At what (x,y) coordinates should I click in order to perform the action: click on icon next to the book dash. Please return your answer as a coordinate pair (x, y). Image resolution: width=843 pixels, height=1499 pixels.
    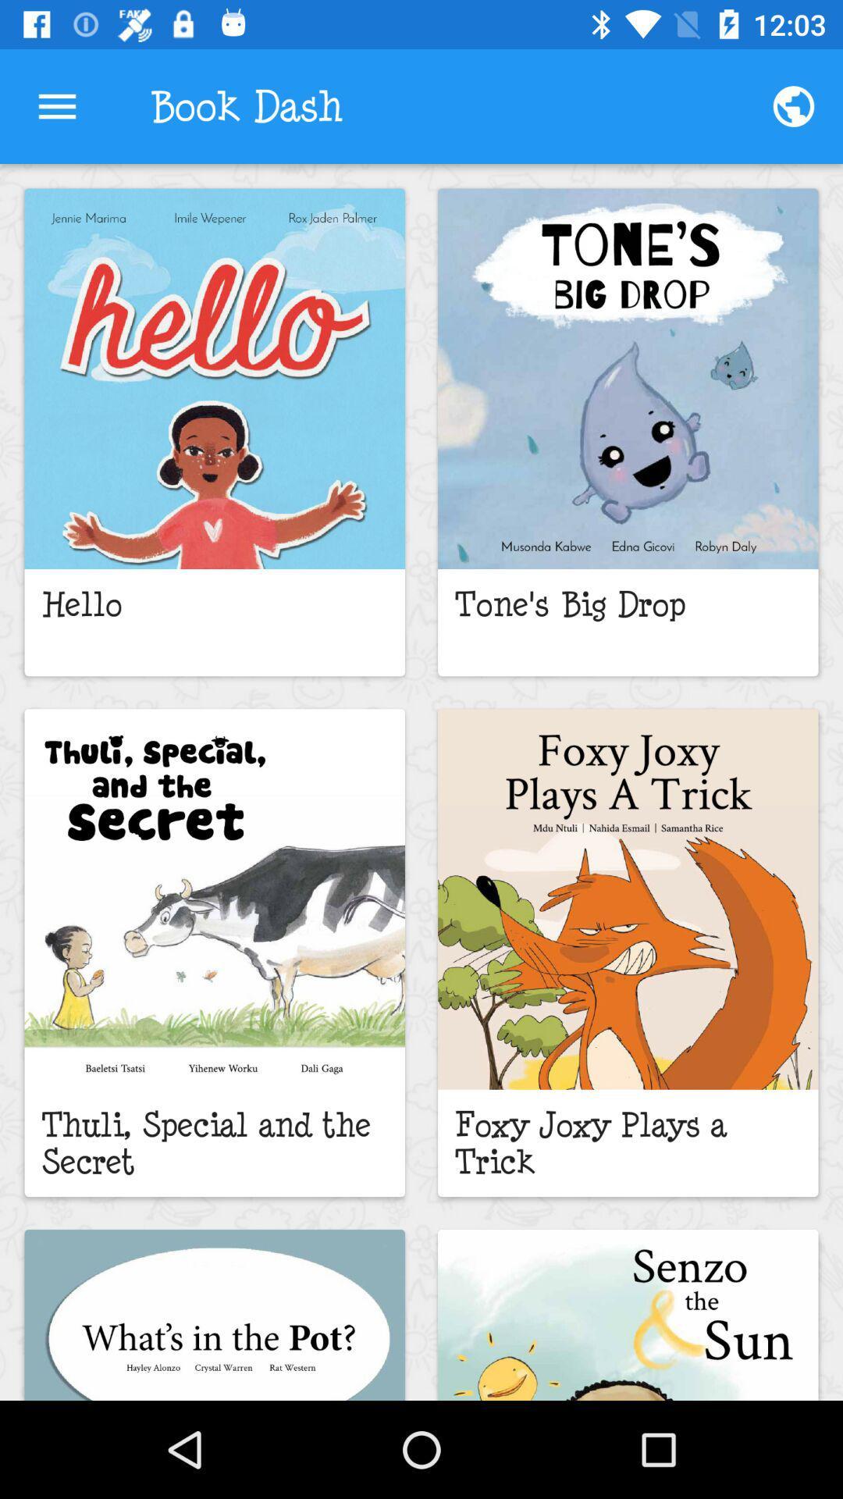
    Looking at the image, I should click on (794, 105).